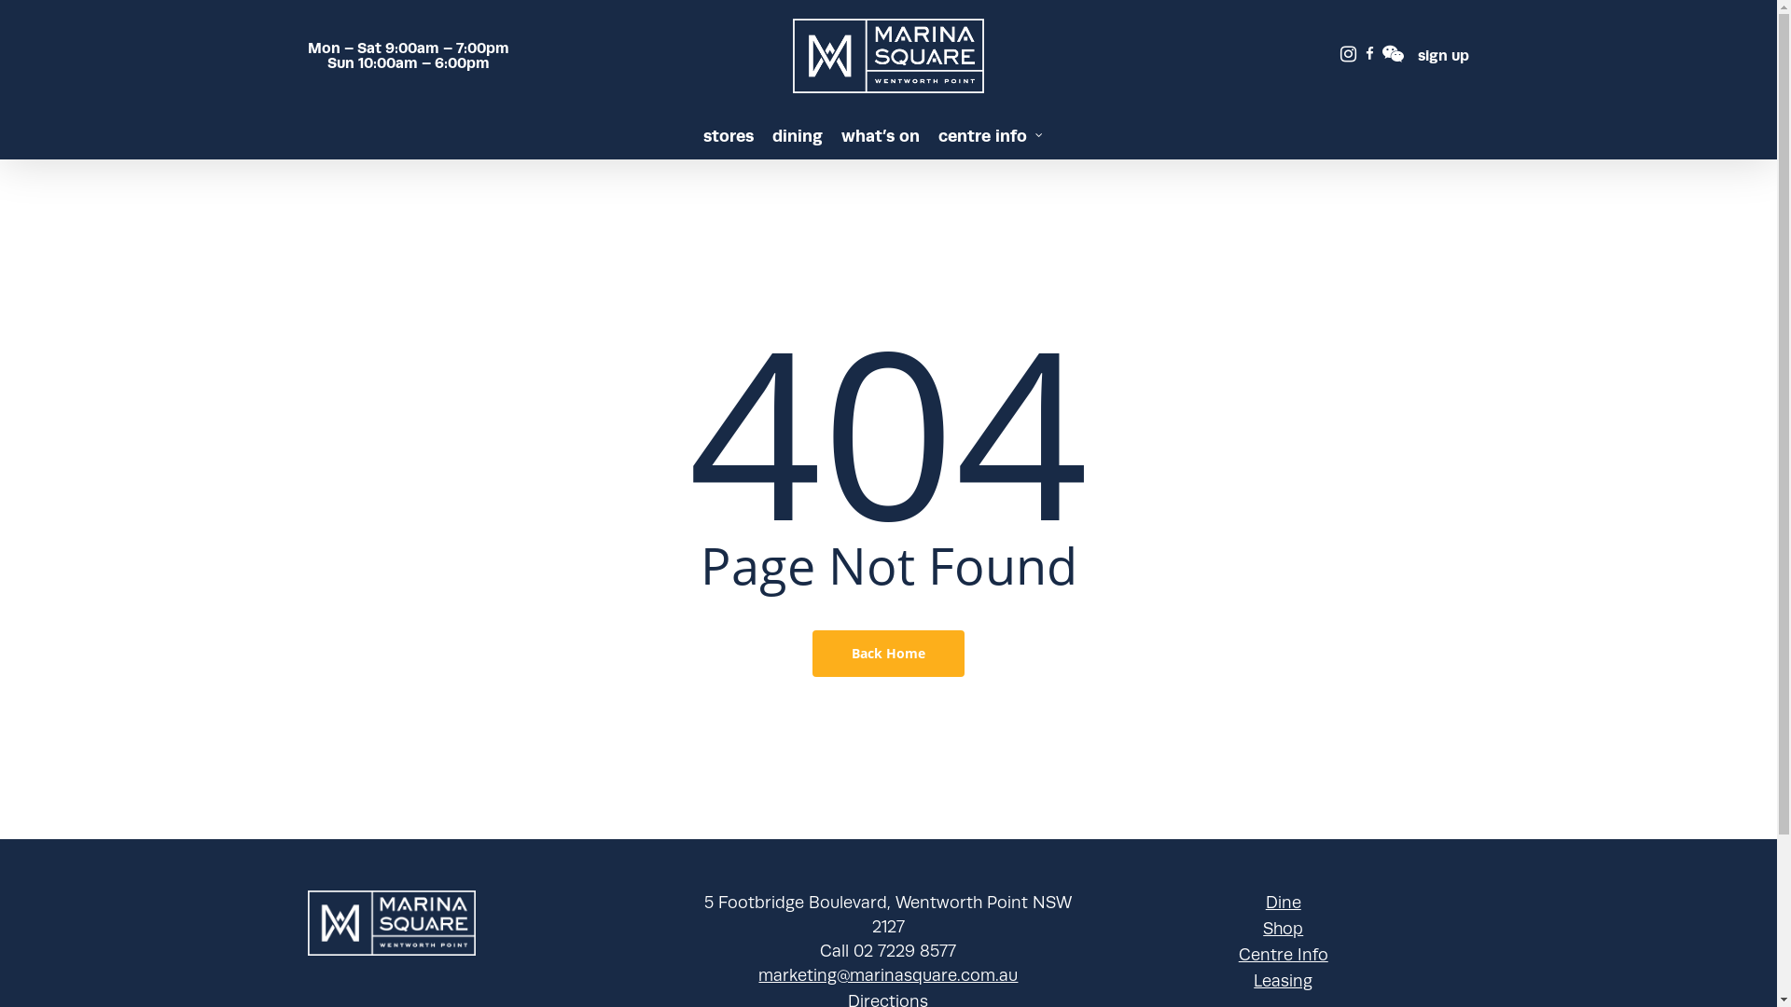 This screenshot has width=1791, height=1007. Describe the element at coordinates (1282, 929) in the screenshot. I see `'Shop'` at that location.